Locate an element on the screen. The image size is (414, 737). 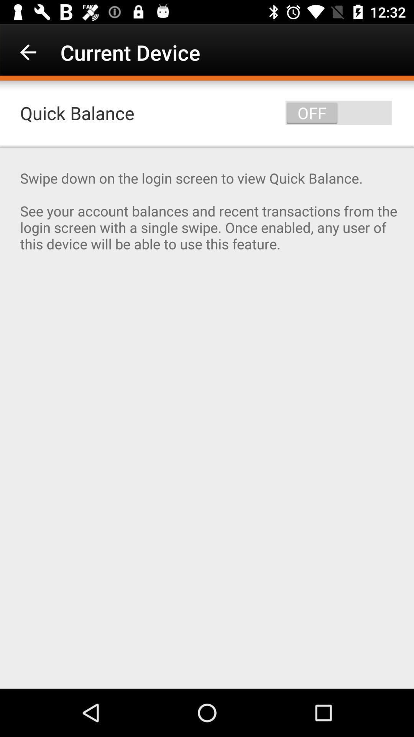
the item above the quick balance icon is located at coordinates (28, 52).